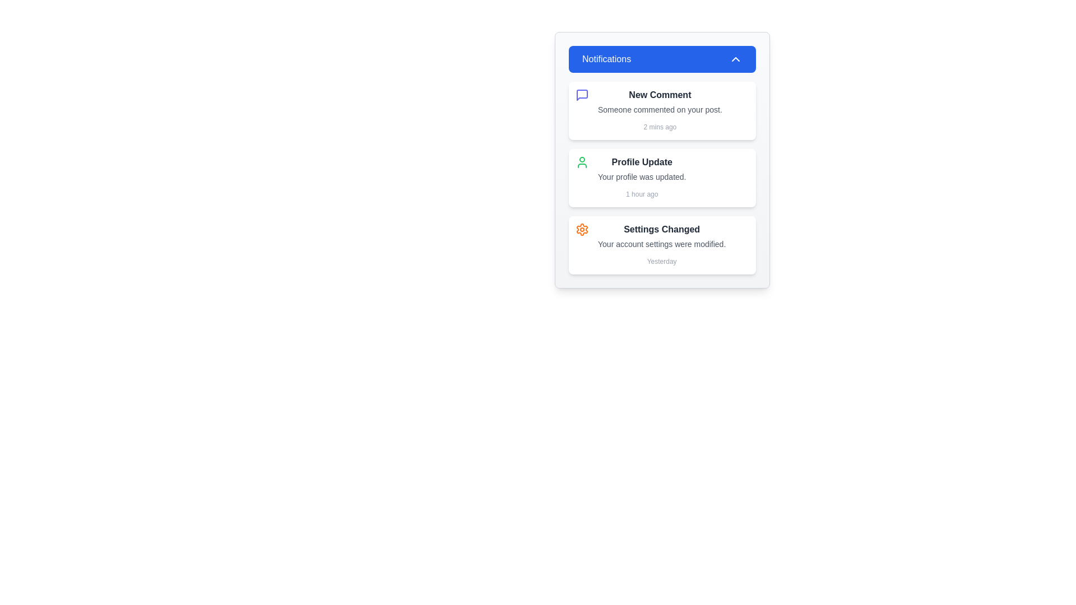 This screenshot has height=605, width=1076. I want to click on the static text label 'Yesterday' within the notification card indicating a settings change, located at the bottom of the card in the Notifications panel, so click(662, 261).